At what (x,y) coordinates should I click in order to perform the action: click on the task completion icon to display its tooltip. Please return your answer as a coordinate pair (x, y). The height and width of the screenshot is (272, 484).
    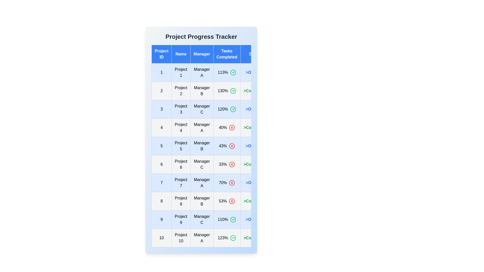
    Looking at the image, I should click on (233, 73).